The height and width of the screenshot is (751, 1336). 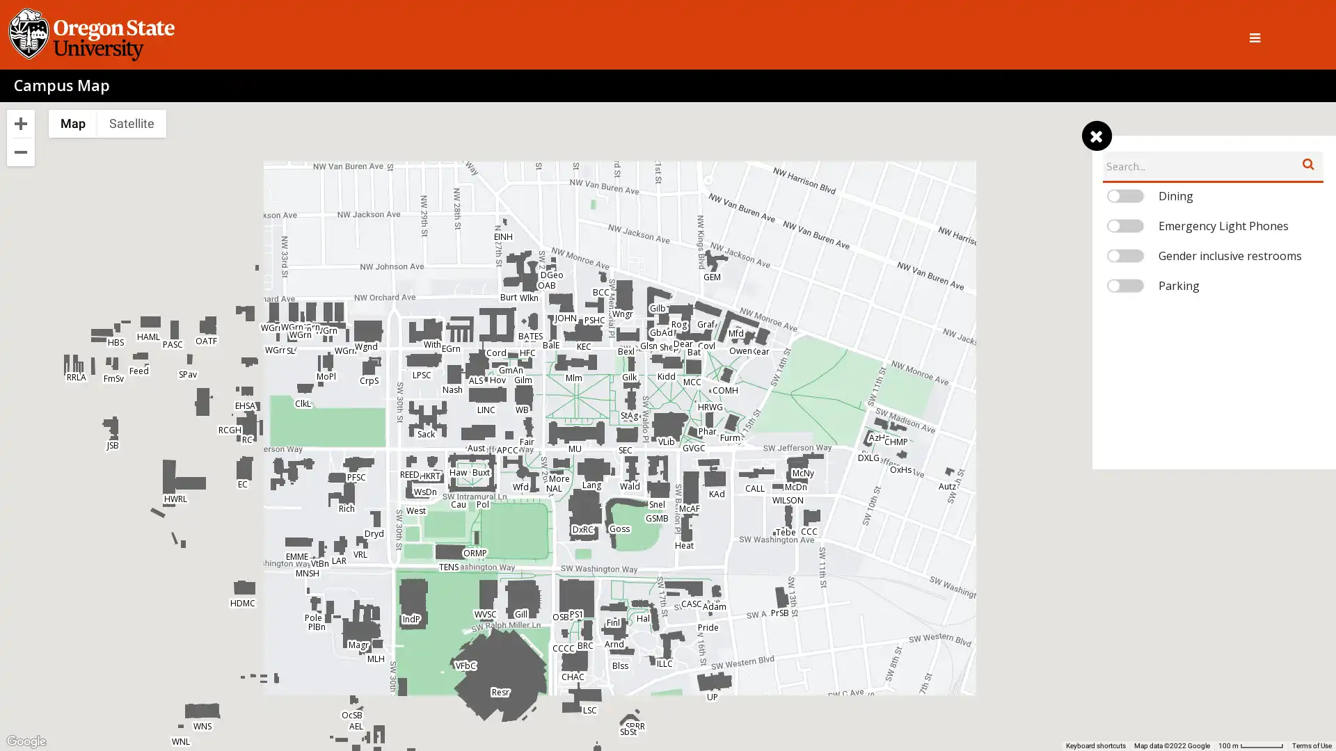 What do you see at coordinates (20, 152) in the screenshot?
I see `Zoom out` at bounding box center [20, 152].